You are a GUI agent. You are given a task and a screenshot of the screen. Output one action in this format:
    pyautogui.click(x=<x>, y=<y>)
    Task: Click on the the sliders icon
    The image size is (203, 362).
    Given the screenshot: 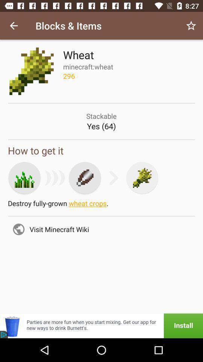 What is the action you would take?
    pyautogui.click(x=24, y=178)
    